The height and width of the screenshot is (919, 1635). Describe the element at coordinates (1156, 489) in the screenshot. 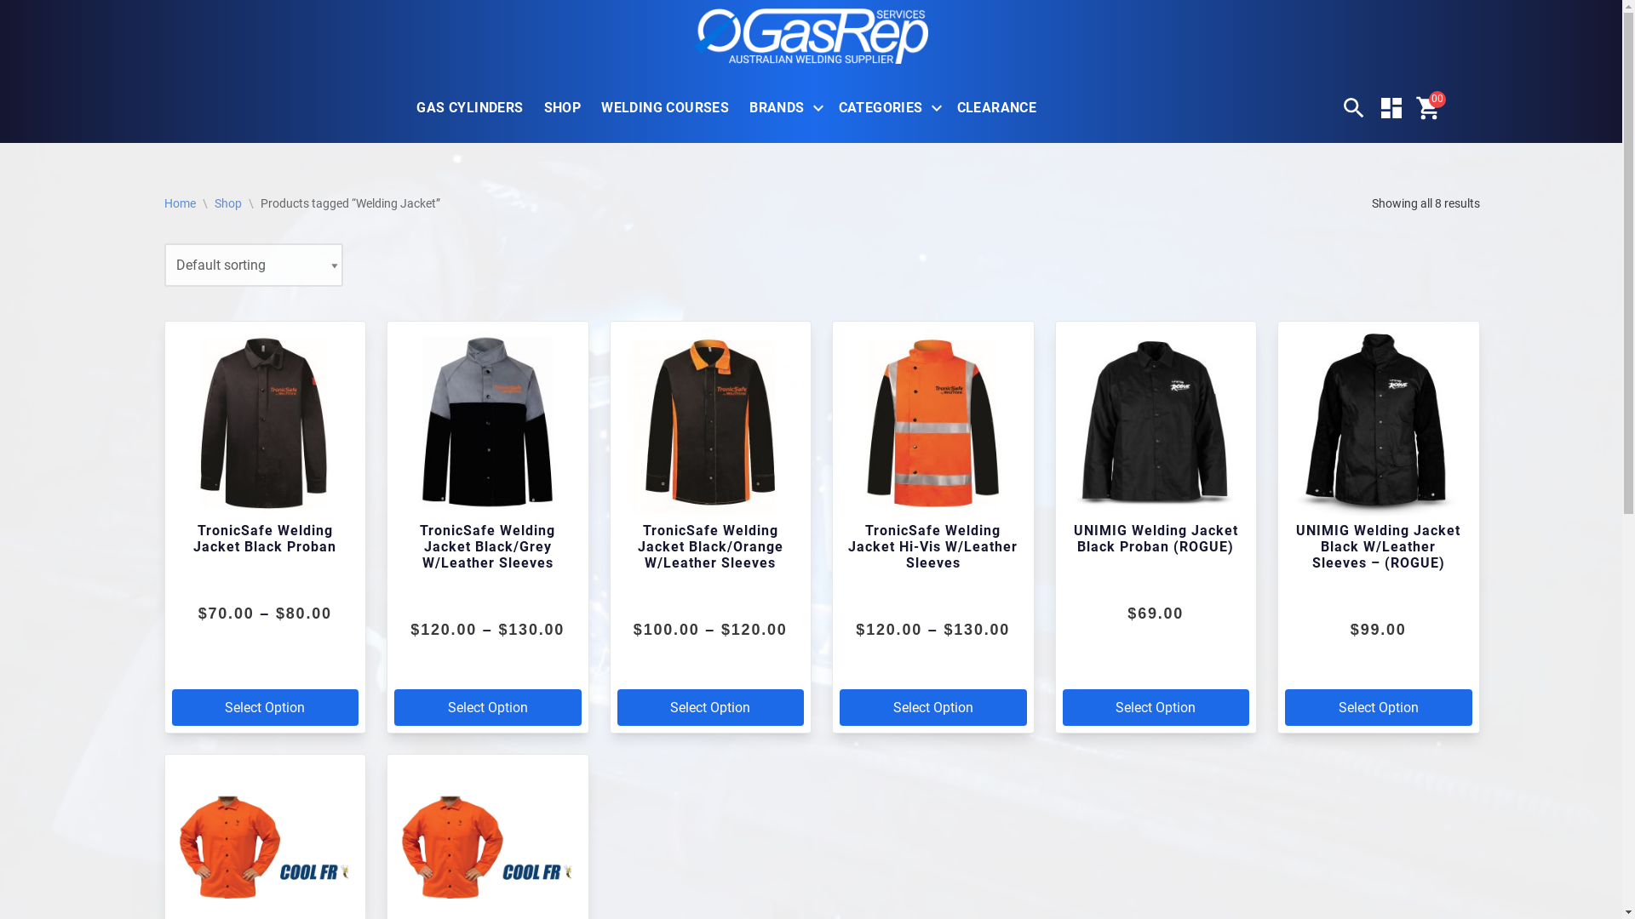

I see `'UNIMIG Welding Jacket Black Proban (ROGUE)` at that location.